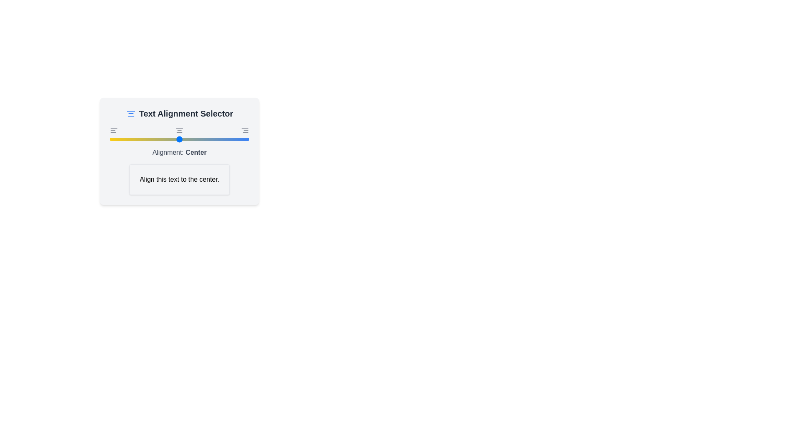 The image size is (796, 448). I want to click on the alignment to 1 by moving the slider, so click(179, 139).